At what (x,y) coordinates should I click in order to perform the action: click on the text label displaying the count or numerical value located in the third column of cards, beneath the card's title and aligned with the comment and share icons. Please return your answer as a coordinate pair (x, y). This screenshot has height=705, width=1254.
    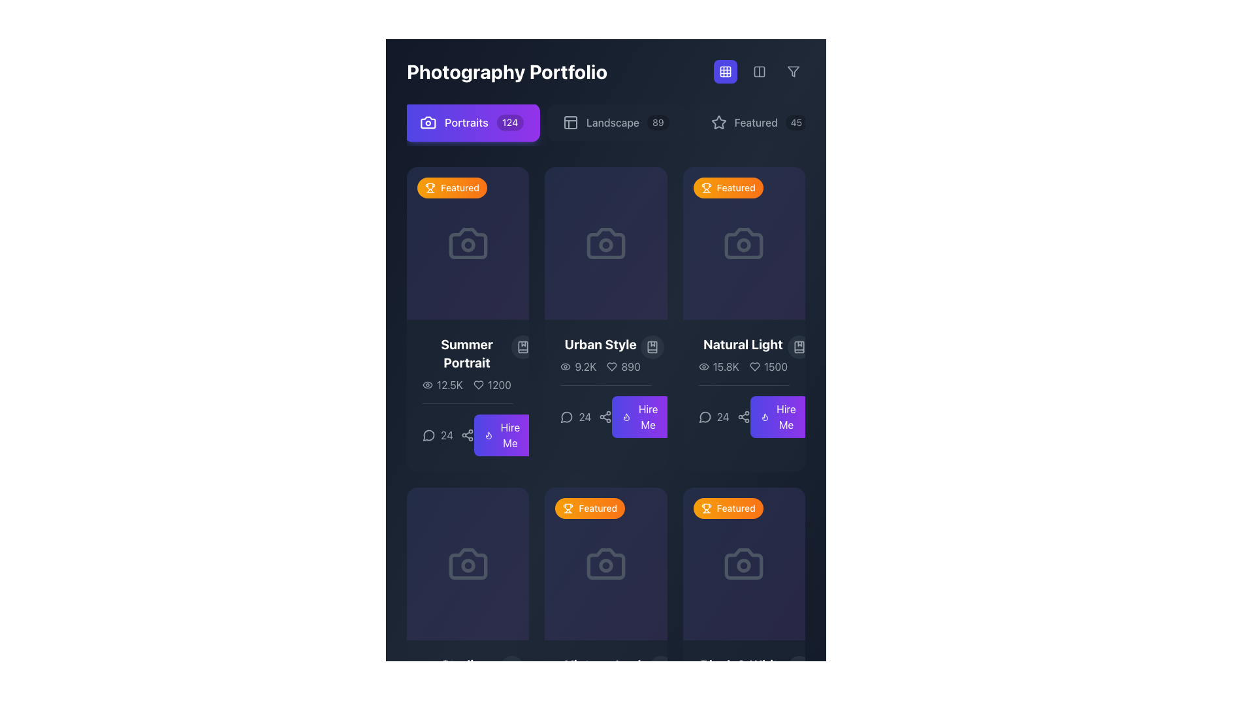
    Looking at the image, I should click on (585, 417).